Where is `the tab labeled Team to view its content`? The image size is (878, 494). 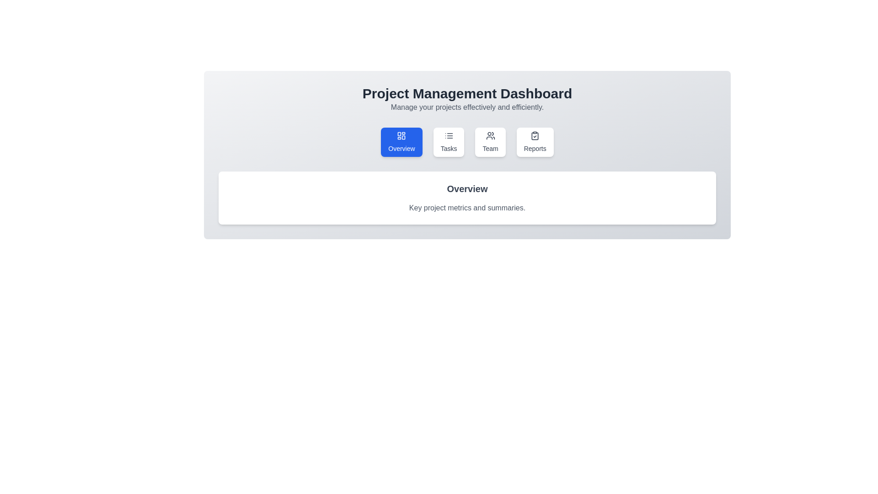 the tab labeled Team to view its content is located at coordinates (490, 142).